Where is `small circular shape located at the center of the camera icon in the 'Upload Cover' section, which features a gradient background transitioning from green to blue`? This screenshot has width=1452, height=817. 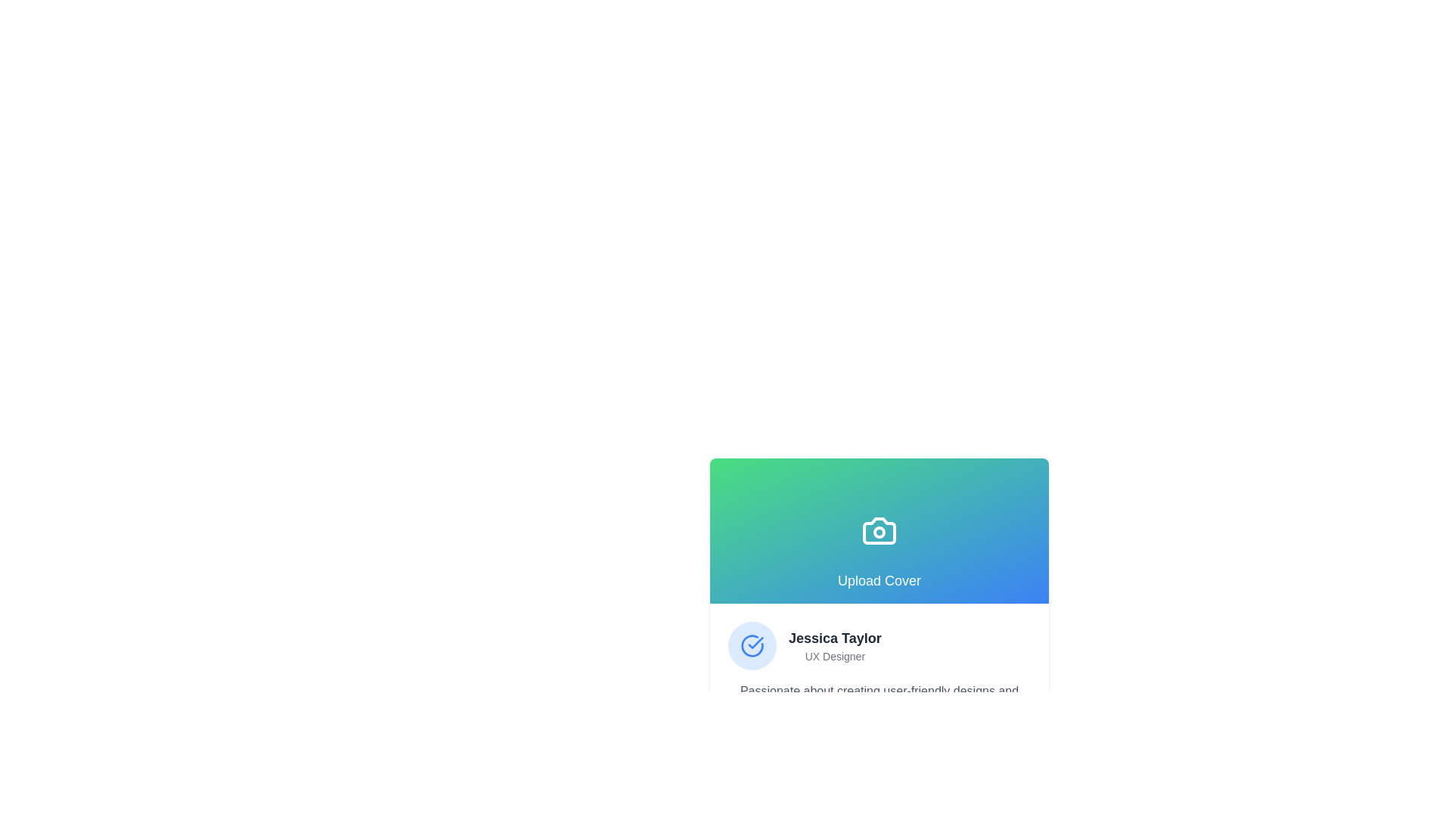
small circular shape located at the center of the camera icon in the 'Upload Cover' section, which features a gradient background transitioning from green to blue is located at coordinates (879, 532).